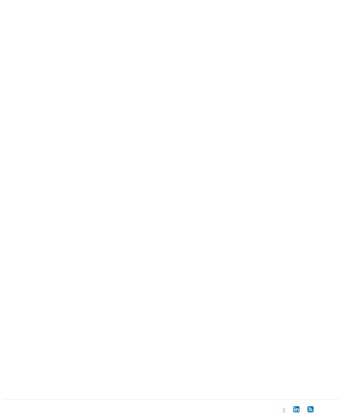  I want to click on 'January 2006', so click(55, 245).